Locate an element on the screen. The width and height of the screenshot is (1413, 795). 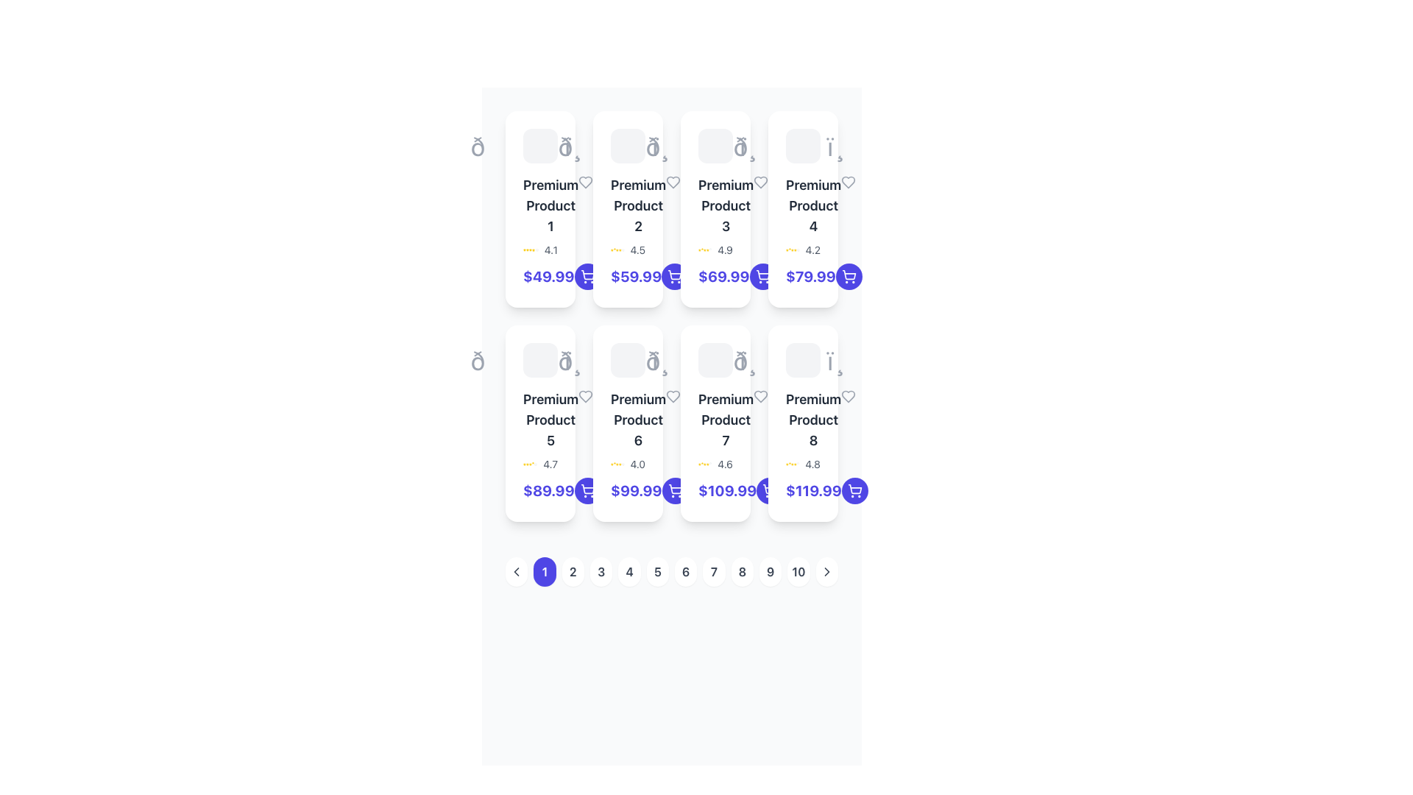
the button used to add 'Premium Product 5' to the shopping cart, located at the bottom right corner of the product card is located at coordinates (587, 491).